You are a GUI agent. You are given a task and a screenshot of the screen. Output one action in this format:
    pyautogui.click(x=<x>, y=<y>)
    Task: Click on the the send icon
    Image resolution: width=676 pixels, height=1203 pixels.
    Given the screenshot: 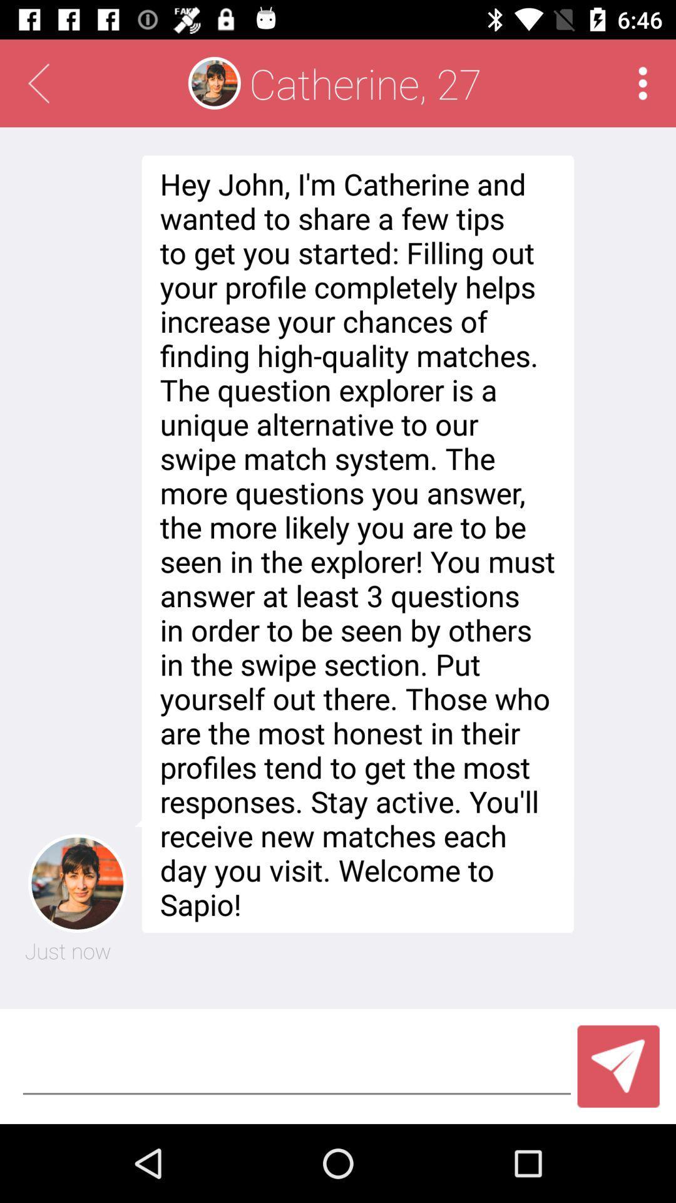 What is the action you would take?
    pyautogui.click(x=618, y=1066)
    